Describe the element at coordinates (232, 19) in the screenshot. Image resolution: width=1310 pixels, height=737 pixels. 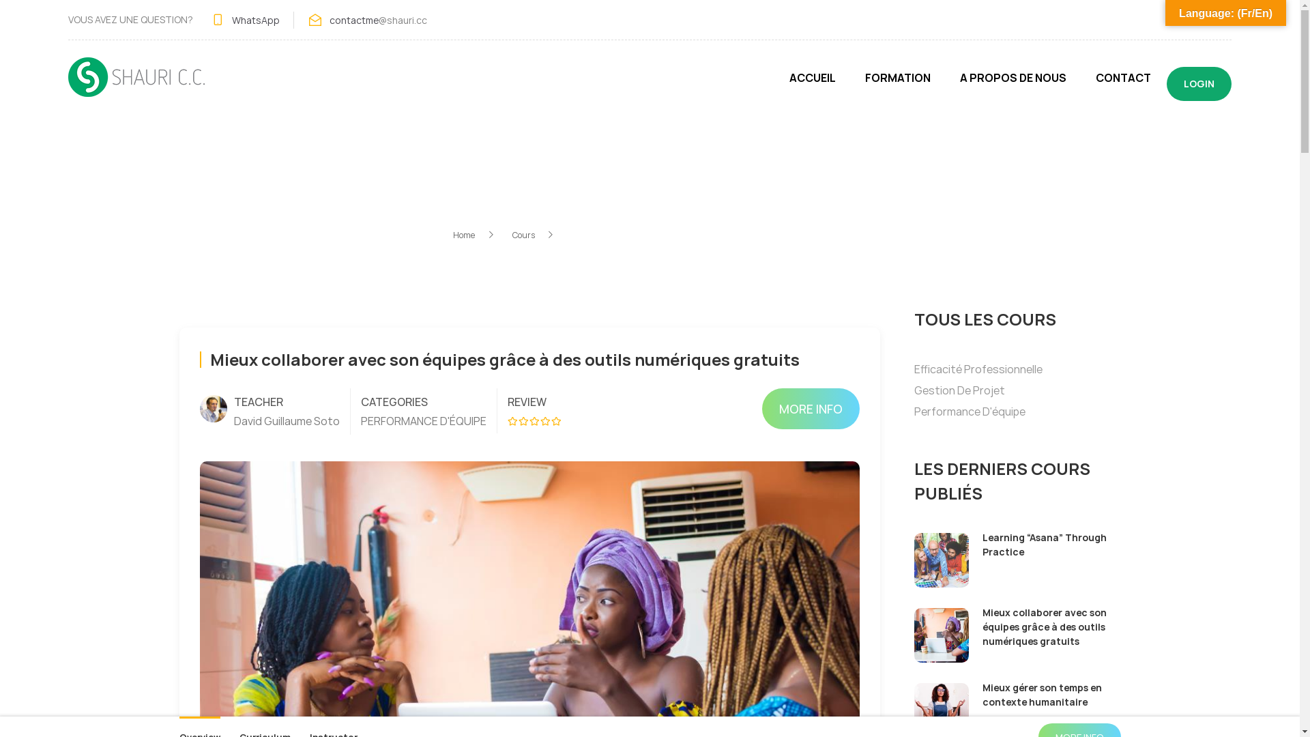
I see `'WhatsApp'` at that location.